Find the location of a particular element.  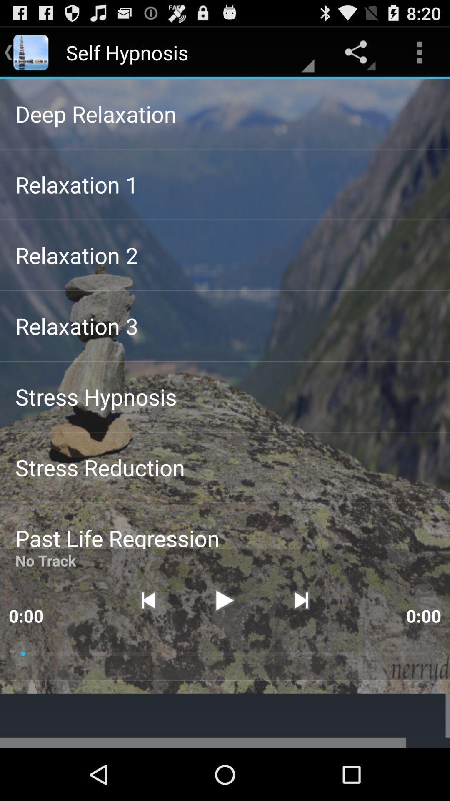

the skip_previous icon is located at coordinates (147, 642).